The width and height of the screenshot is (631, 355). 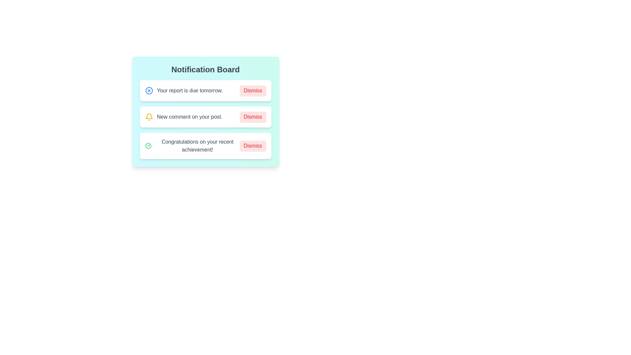 I want to click on the first notification to focus on its message, so click(x=205, y=91).